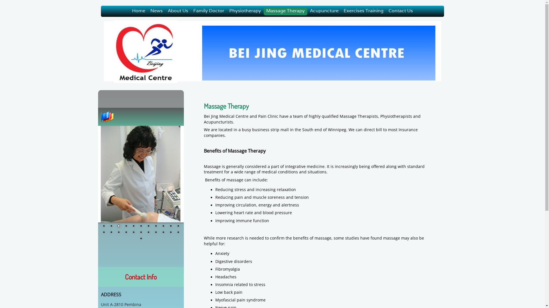 The image size is (549, 308). What do you see at coordinates (111, 233) in the screenshot?
I see `'13'` at bounding box center [111, 233].